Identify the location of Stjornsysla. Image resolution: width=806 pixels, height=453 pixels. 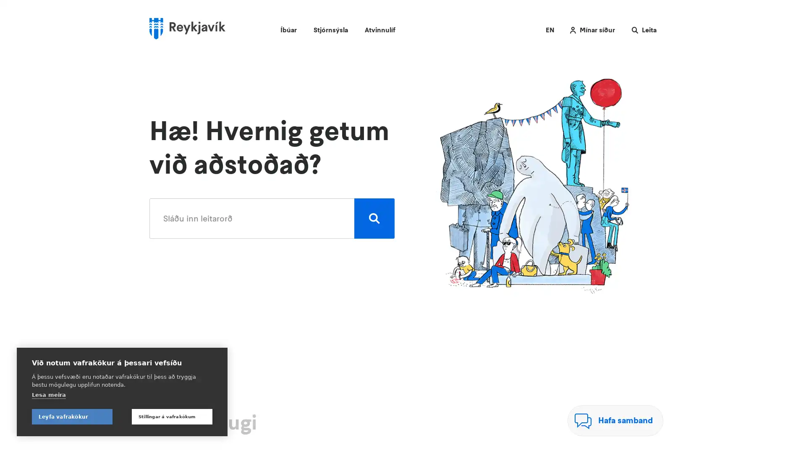
(330, 28).